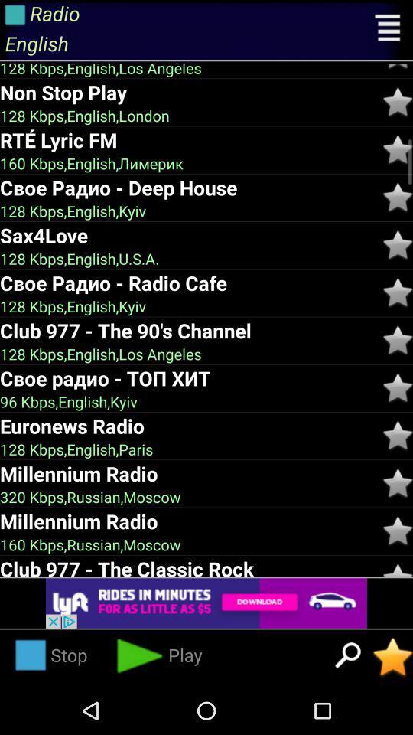  Describe the element at coordinates (398, 149) in the screenshot. I see `to favourites` at that location.